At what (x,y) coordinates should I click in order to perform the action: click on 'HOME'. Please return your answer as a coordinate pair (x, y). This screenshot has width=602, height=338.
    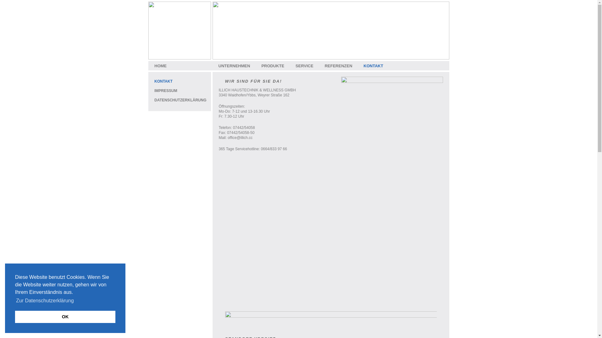
    Looking at the image, I should click on (160, 66).